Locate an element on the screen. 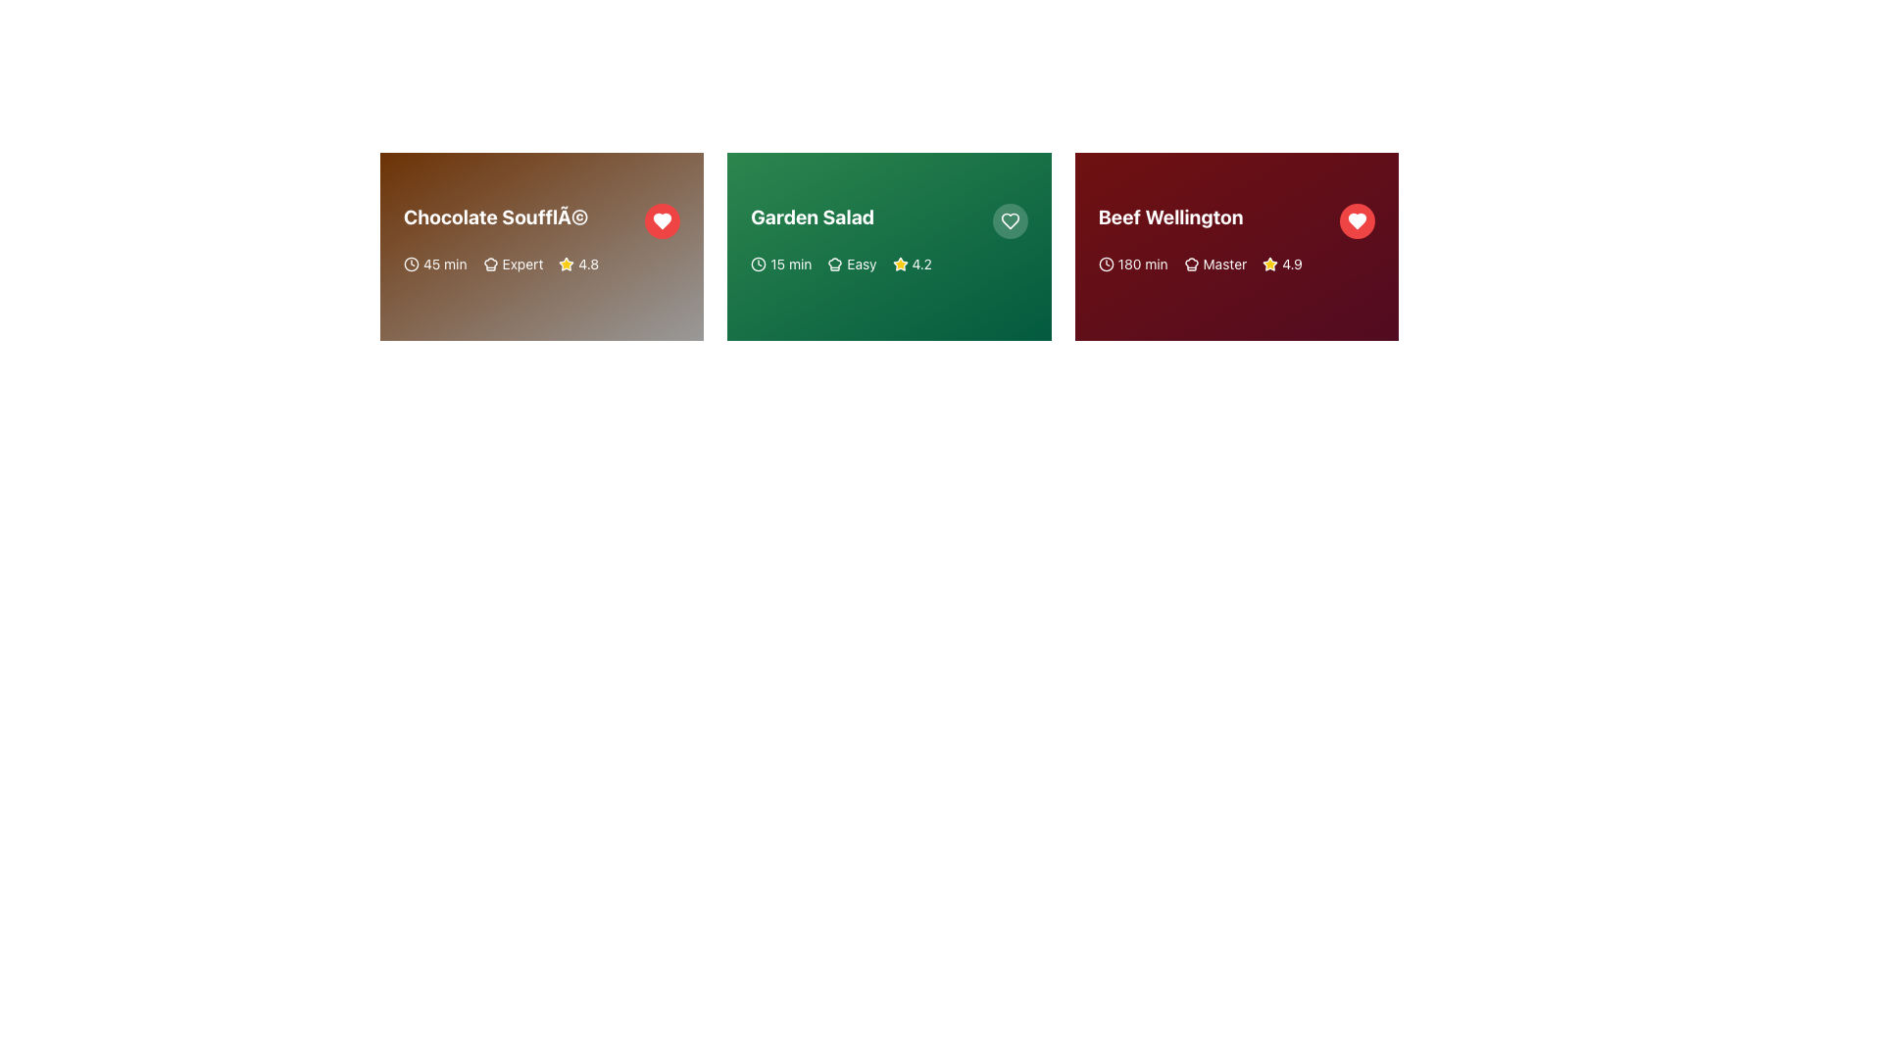 The height and width of the screenshot is (1058, 1882). the share button located is located at coordinates (457, 302).